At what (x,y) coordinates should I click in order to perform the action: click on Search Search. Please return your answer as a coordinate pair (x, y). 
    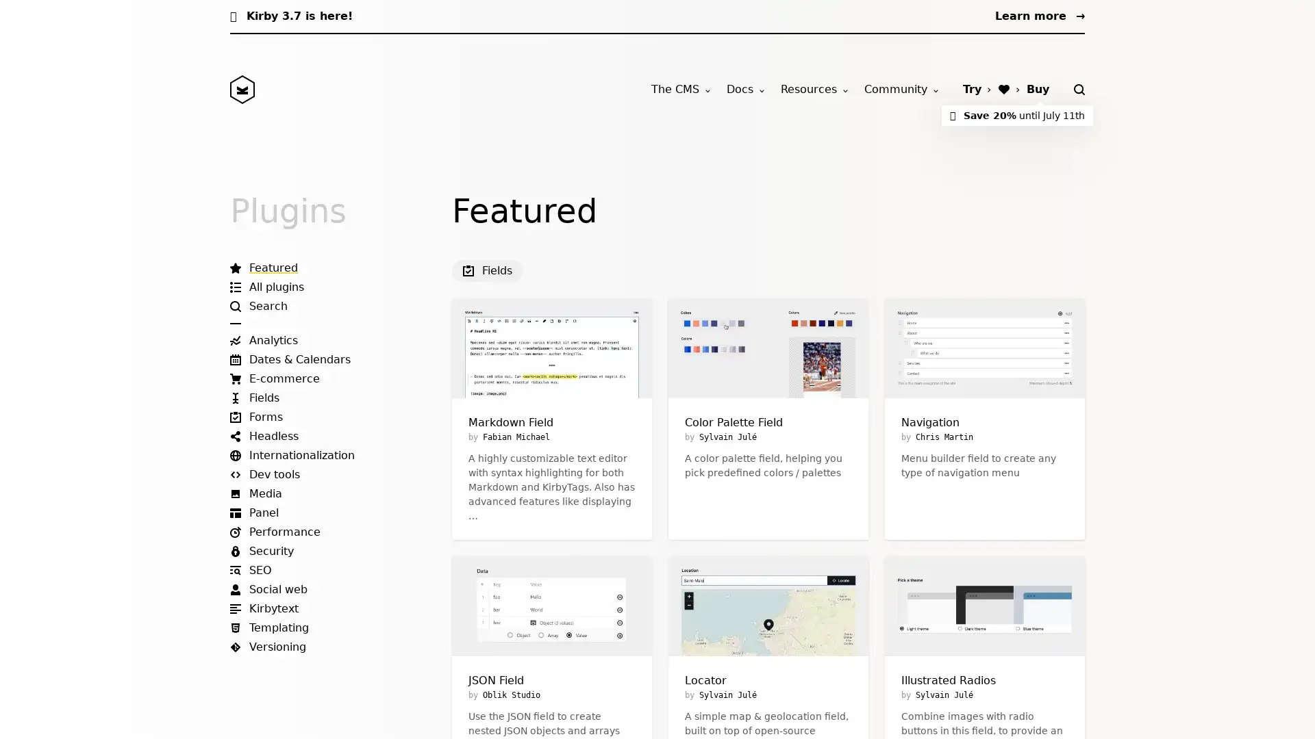
    Looking at the image, I should click on (259, 305).